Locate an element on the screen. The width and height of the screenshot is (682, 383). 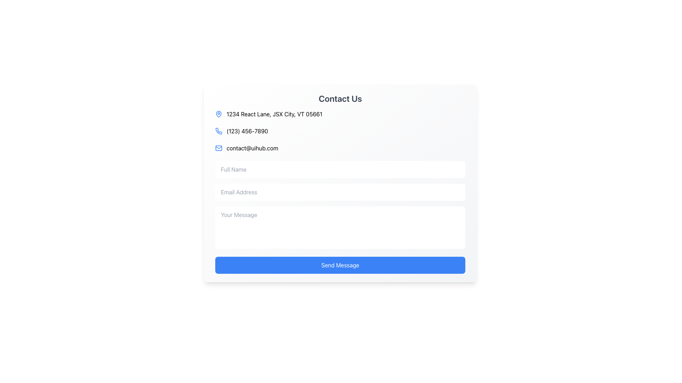
the upper region of the map pin SVG icon located at the left side of the address '1234 React Lane, JSX City, VT 05661' is located at coordinates (218, 113).